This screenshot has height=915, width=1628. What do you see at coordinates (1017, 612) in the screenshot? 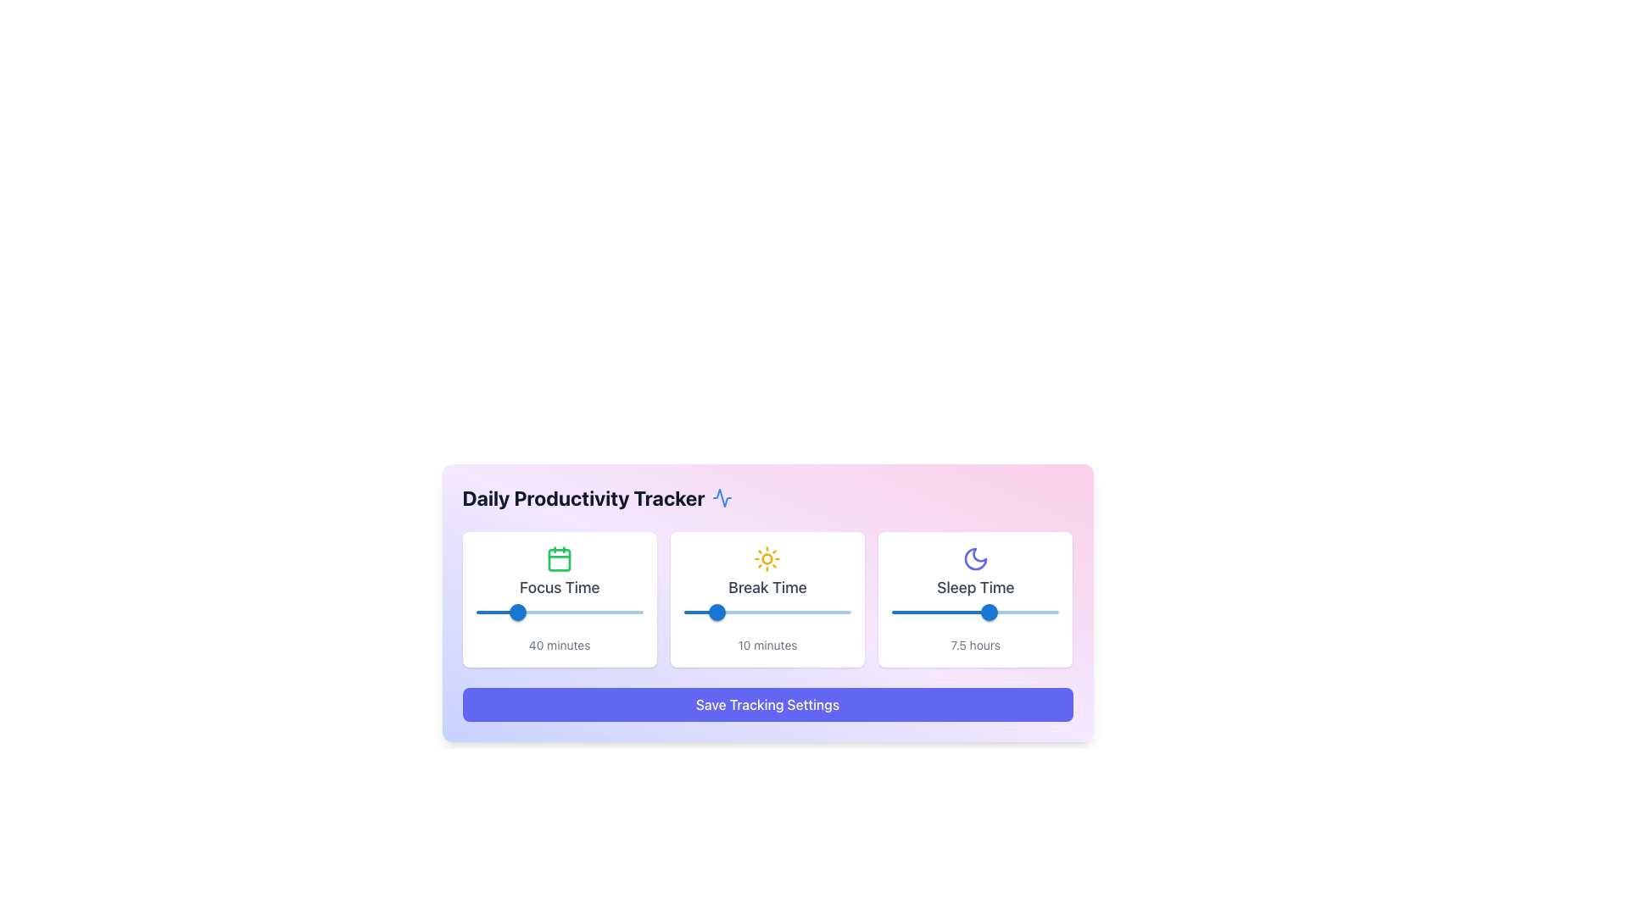
I see `the sleep time slider` at bounding box center [1017, 612].